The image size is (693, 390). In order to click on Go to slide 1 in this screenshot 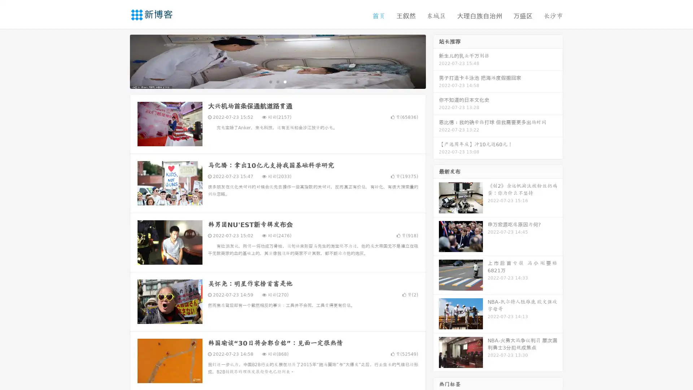, I will do `click(270, 81)`.